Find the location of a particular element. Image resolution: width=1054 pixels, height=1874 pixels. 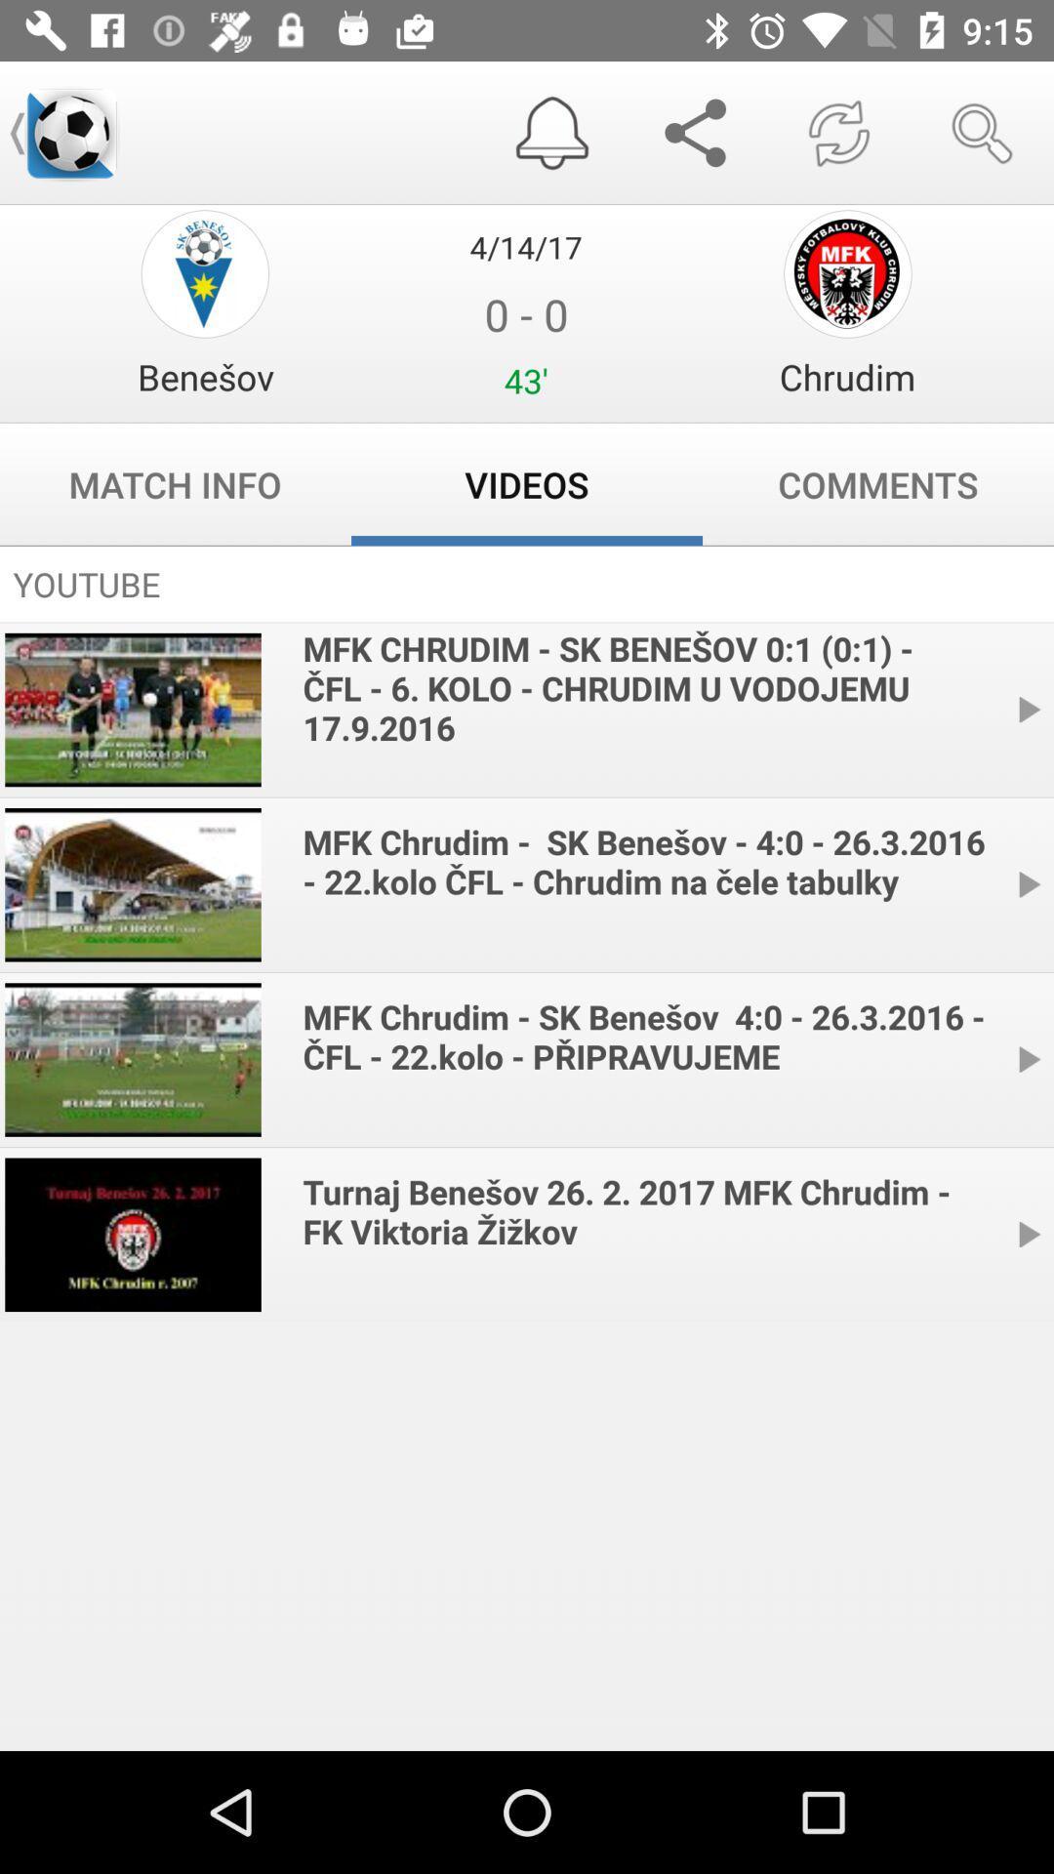

item next to 0 - 0 is located at coordinates (205, 377).